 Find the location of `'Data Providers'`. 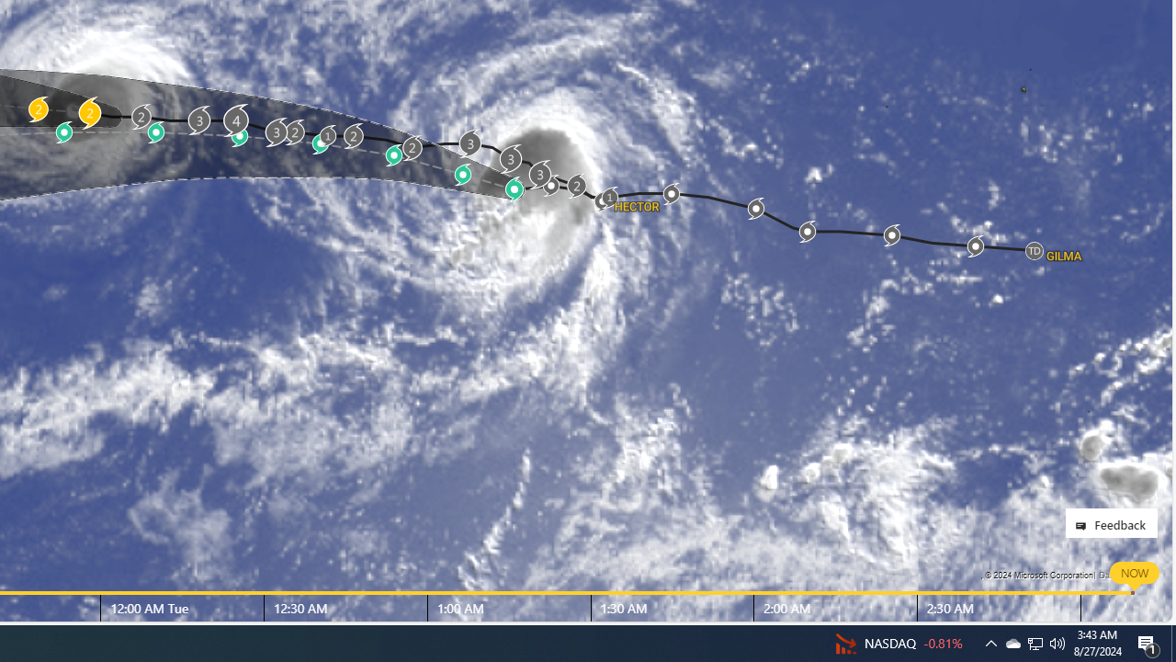

'Data Providers' is located at coordinates (1125, 574).